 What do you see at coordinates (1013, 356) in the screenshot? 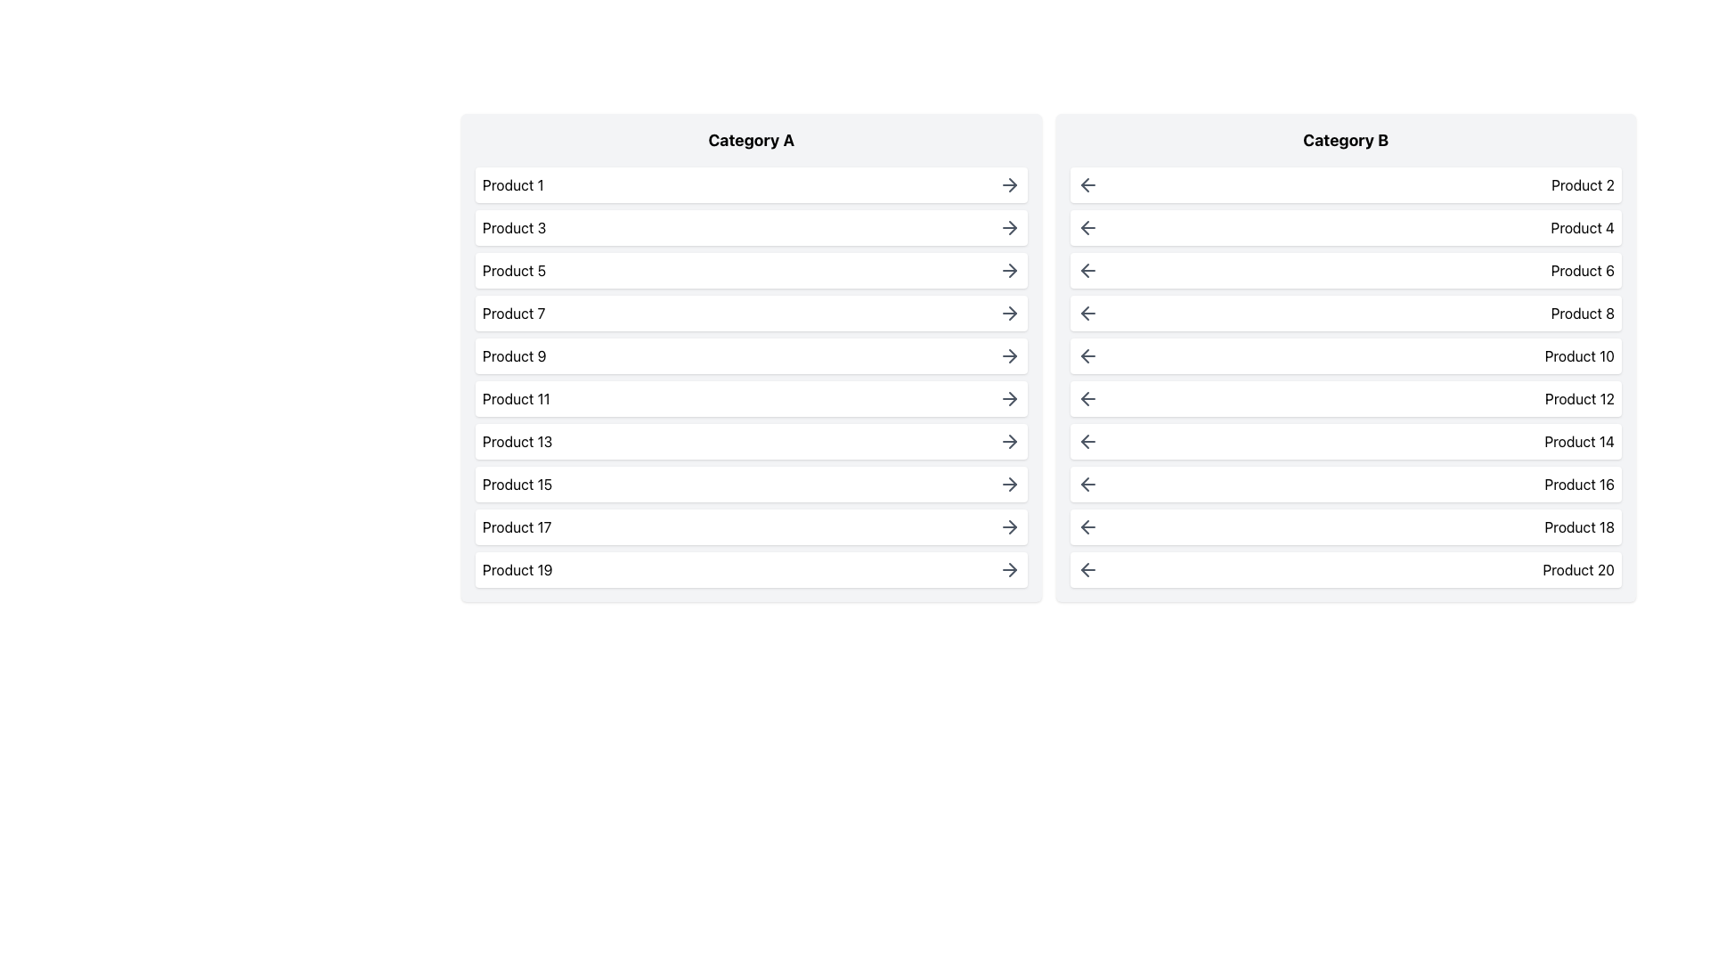
I see `the rightward arrow icon adjacent to 'Product 9' in the 'Category A' section` at bounding box center [1013, 356].